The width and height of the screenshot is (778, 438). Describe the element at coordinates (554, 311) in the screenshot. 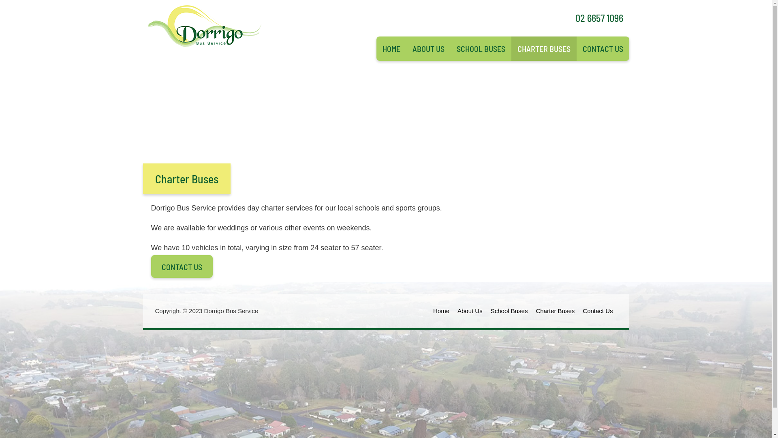

I see `'Charter Buses'` at that location.